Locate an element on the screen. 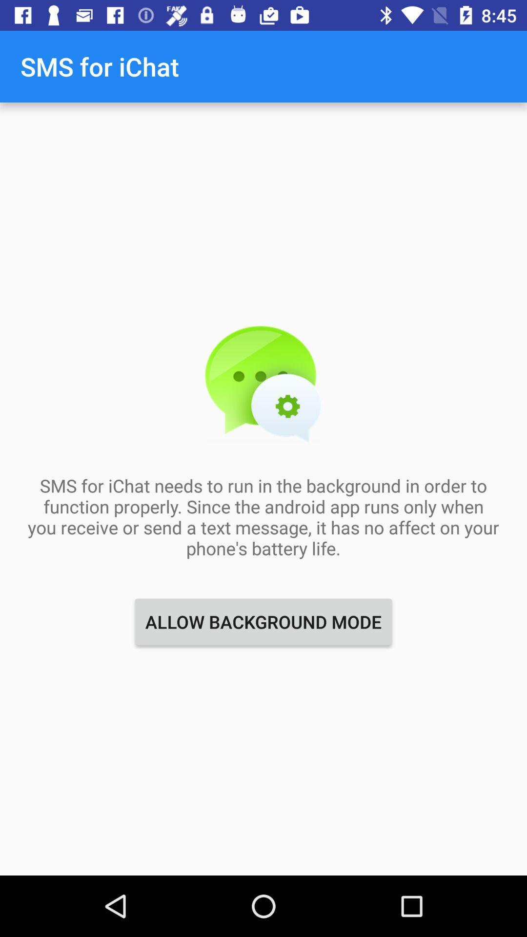 Image resolution: width=527 pixels, height=937 pixels. the allow background mode item is located at coordinates (263, 621).